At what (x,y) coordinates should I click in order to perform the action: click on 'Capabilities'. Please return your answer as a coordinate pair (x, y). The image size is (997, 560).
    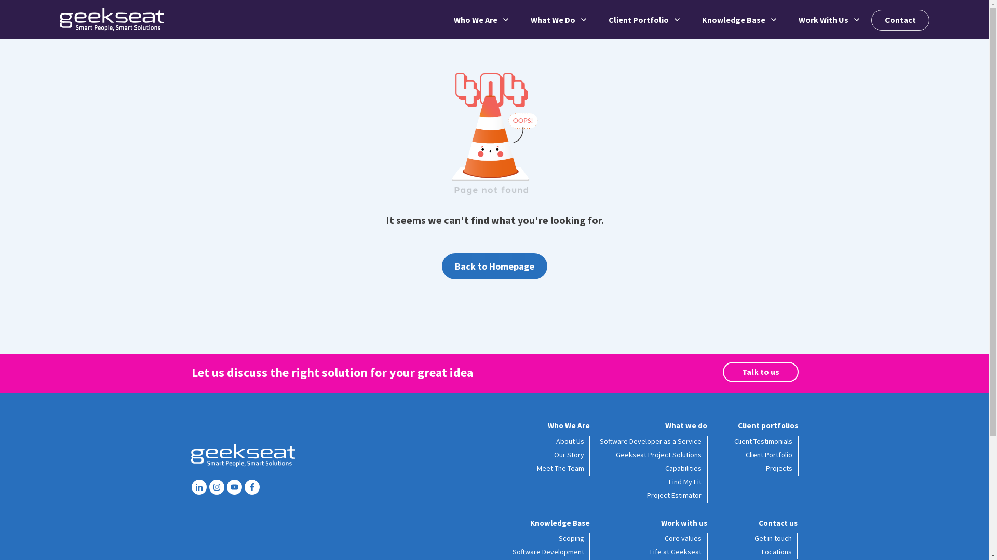
    Looking at the image, I should click on (665, 468).